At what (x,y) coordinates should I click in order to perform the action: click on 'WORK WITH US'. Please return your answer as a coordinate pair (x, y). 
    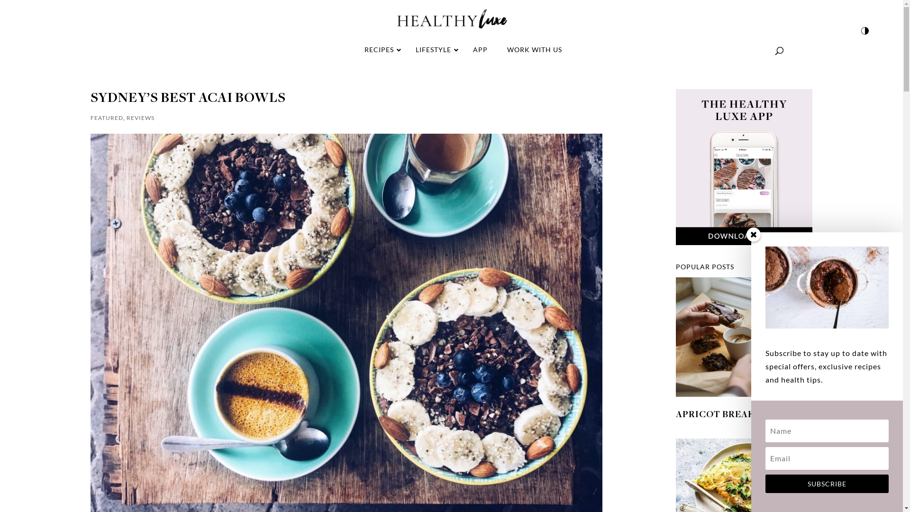
    Looking at the image, I should click on (534, 49).